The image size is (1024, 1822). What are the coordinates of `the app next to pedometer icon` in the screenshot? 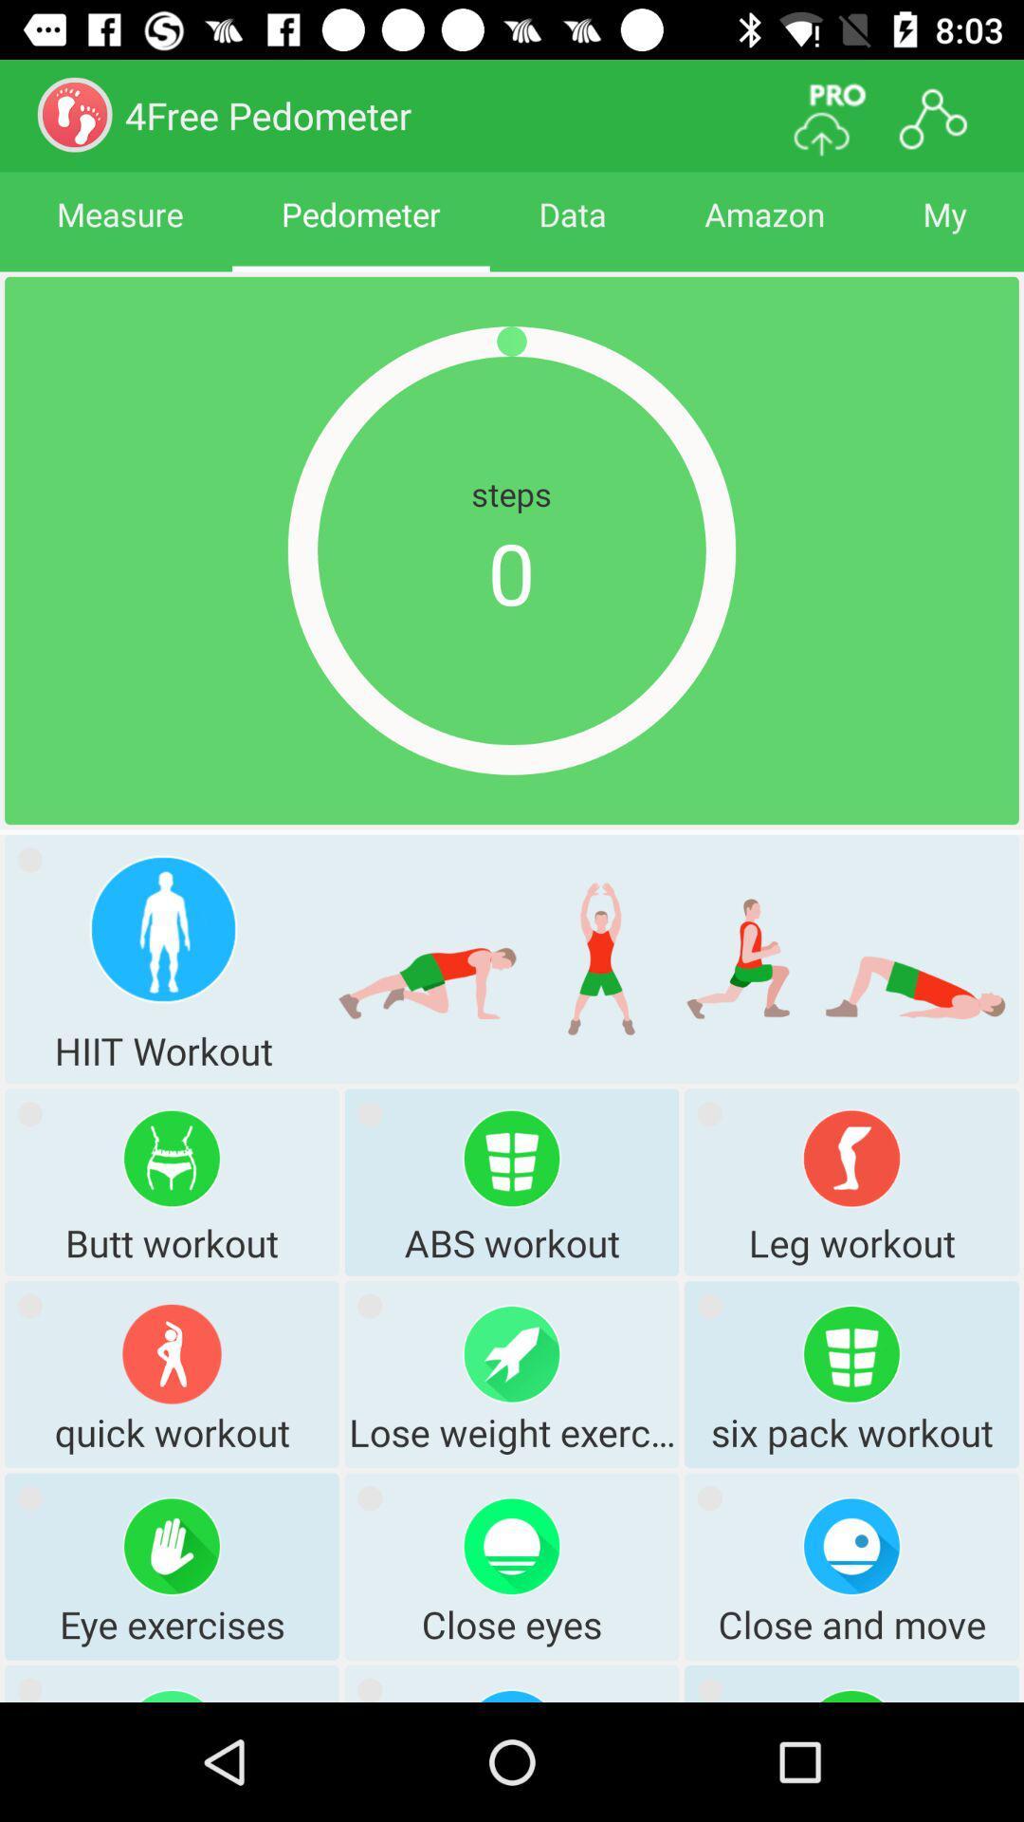 It's located at (572, 231).